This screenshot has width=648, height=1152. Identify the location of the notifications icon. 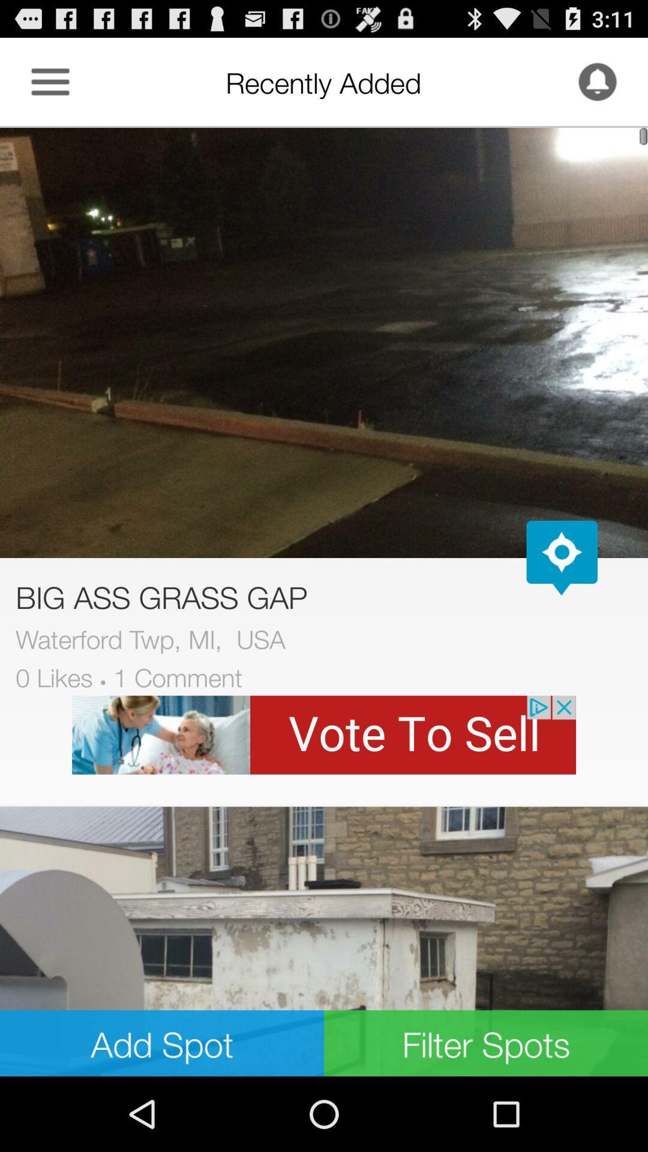
(597, 87).